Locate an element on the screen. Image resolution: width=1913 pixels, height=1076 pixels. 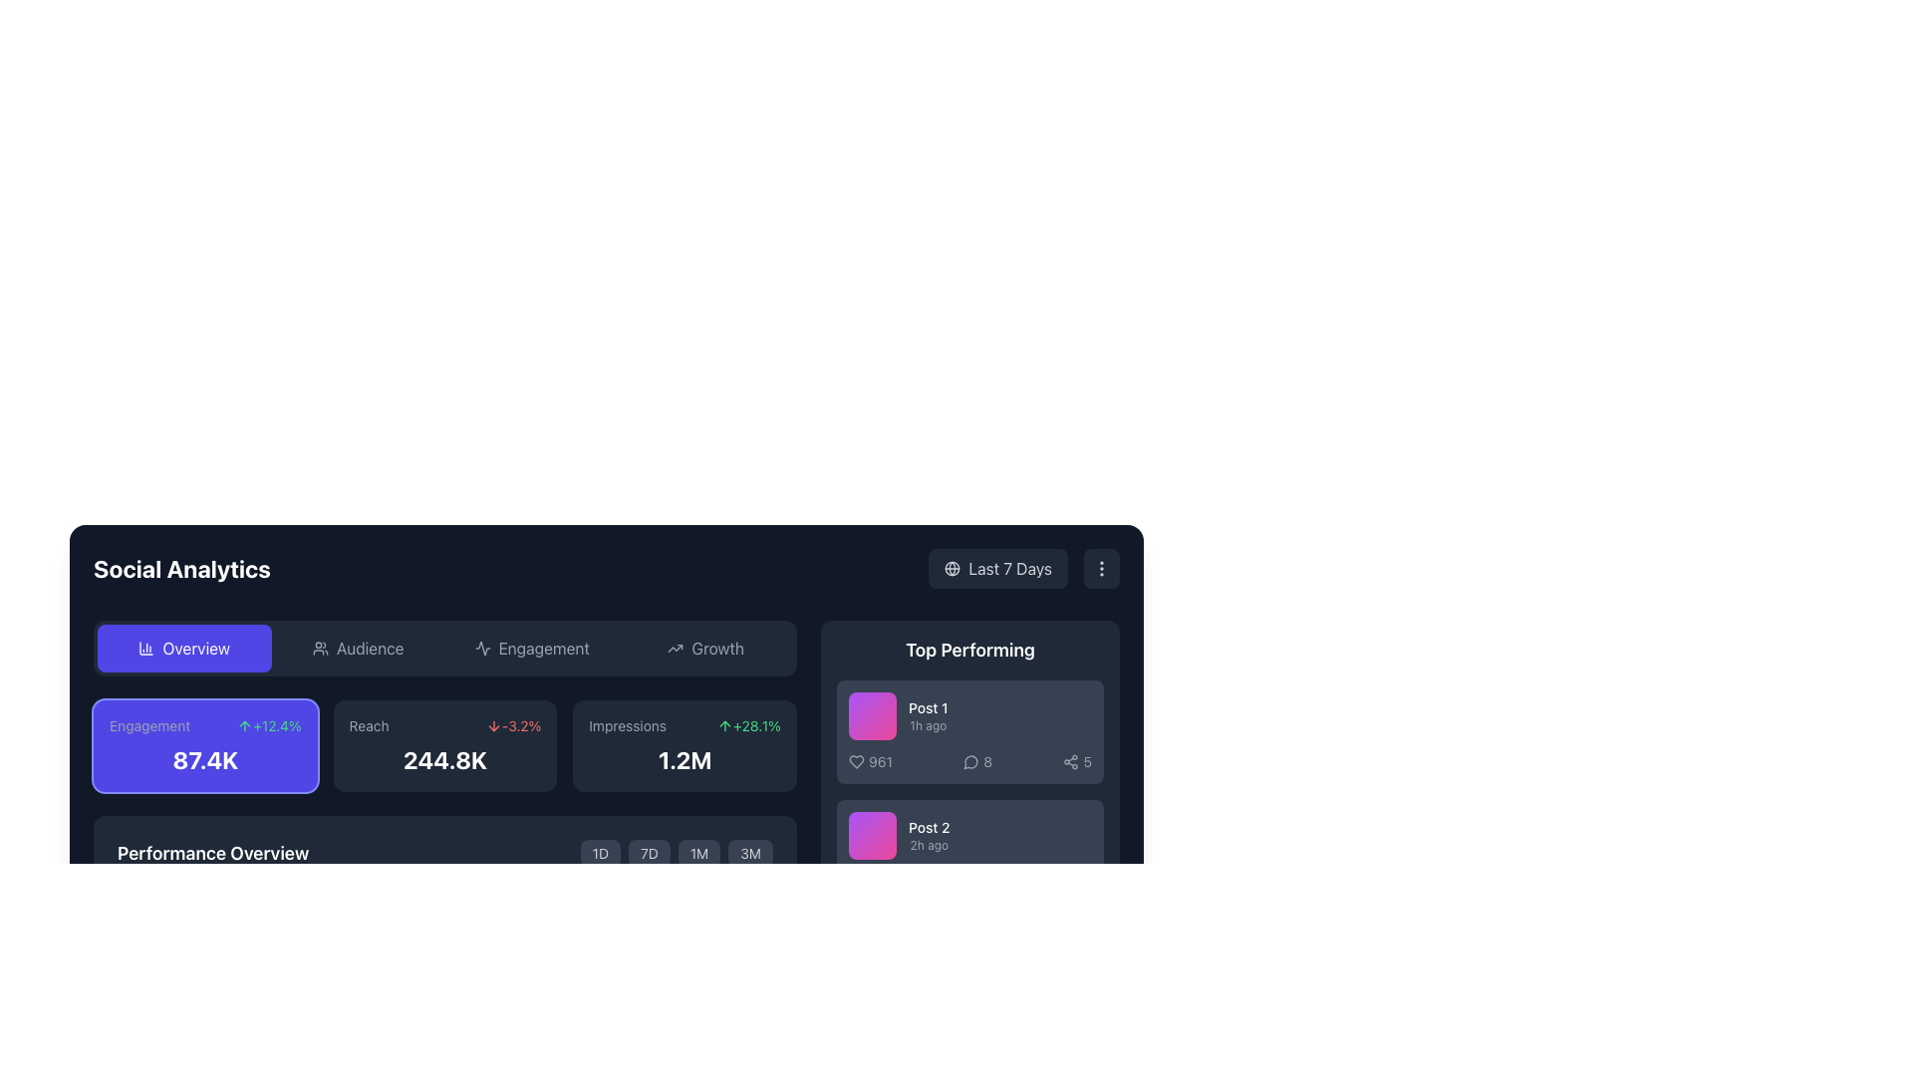
globe icon located to the left of the 'Last 7 Days' button at the top-right corner of the layout is located at coordinates (952, 568).